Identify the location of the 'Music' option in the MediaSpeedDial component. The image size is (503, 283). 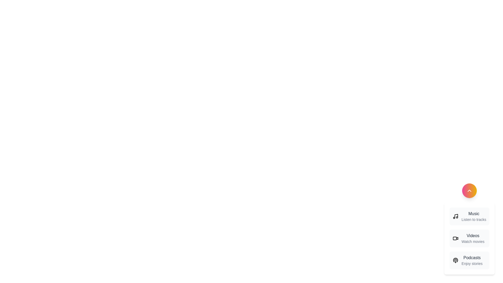
(469, 216).